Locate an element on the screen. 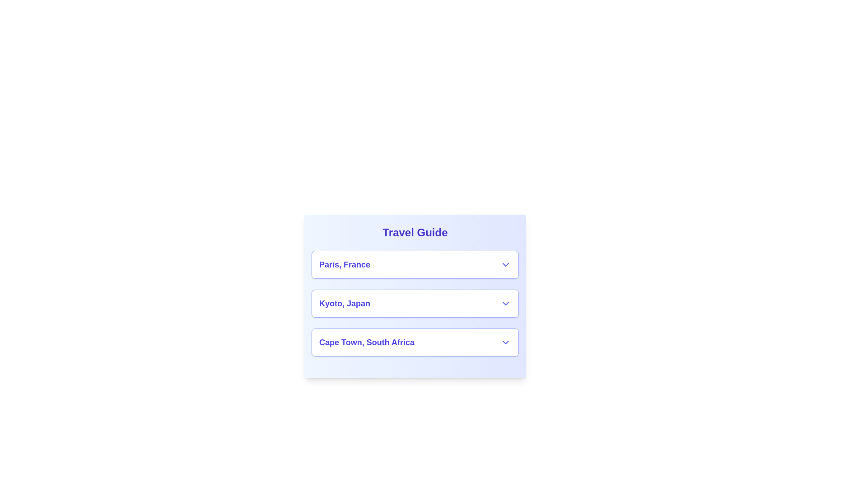 This screenshot has height=488, width=867. the label text element that indicates a selectable location in the dropdown list, positioned above 'Cape Town, South Africa' and below 'Paris, France' is located at coordinates (344, 303).